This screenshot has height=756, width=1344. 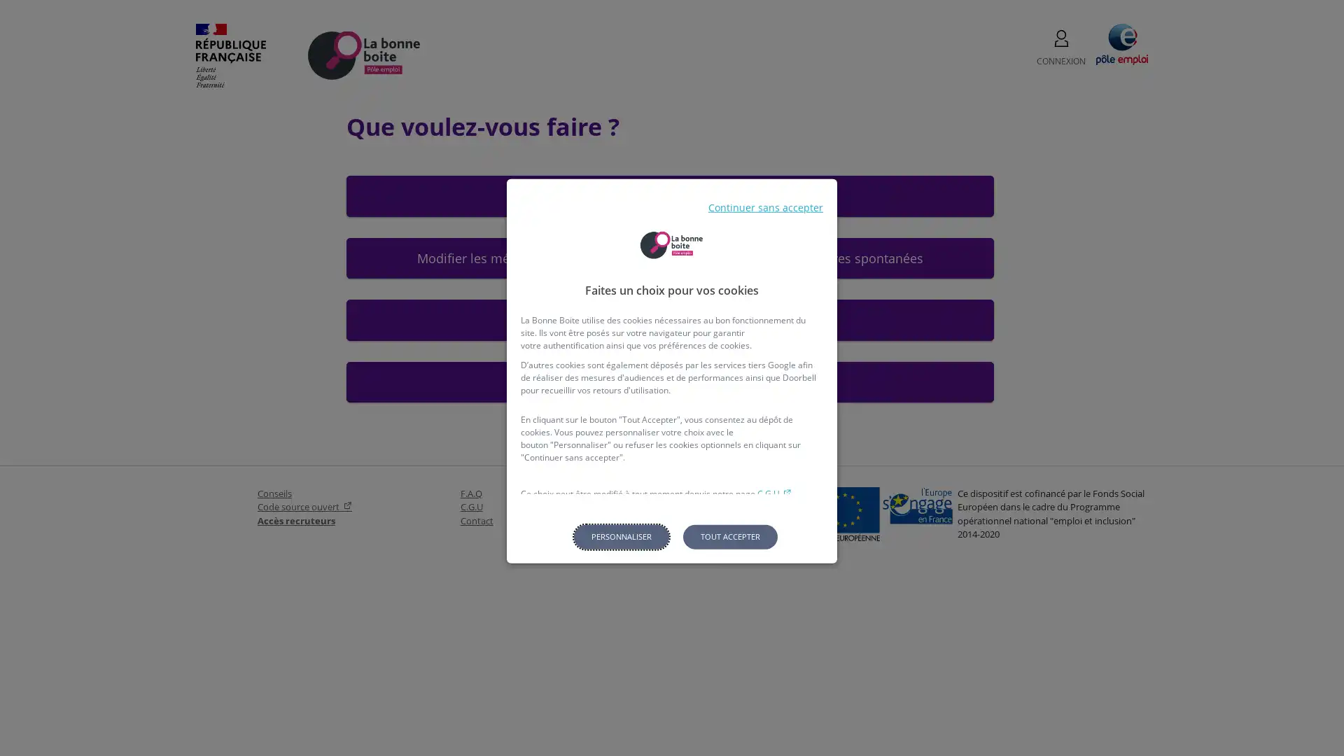 What do you see at coordinates (729, 535) in the screenshot?
I see `Tout accepter` at bounding box center [729, 535].